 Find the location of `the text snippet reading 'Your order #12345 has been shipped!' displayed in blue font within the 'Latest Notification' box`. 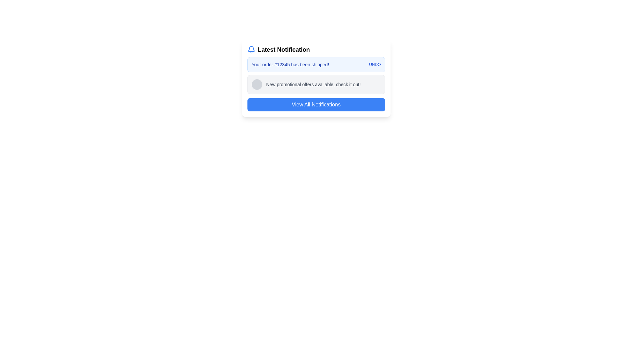

the text snippet reading 'Your order #12345 has been shipped!' displayed in blue font within the 'Latest Notification' box is located at coordinates (290, 65).